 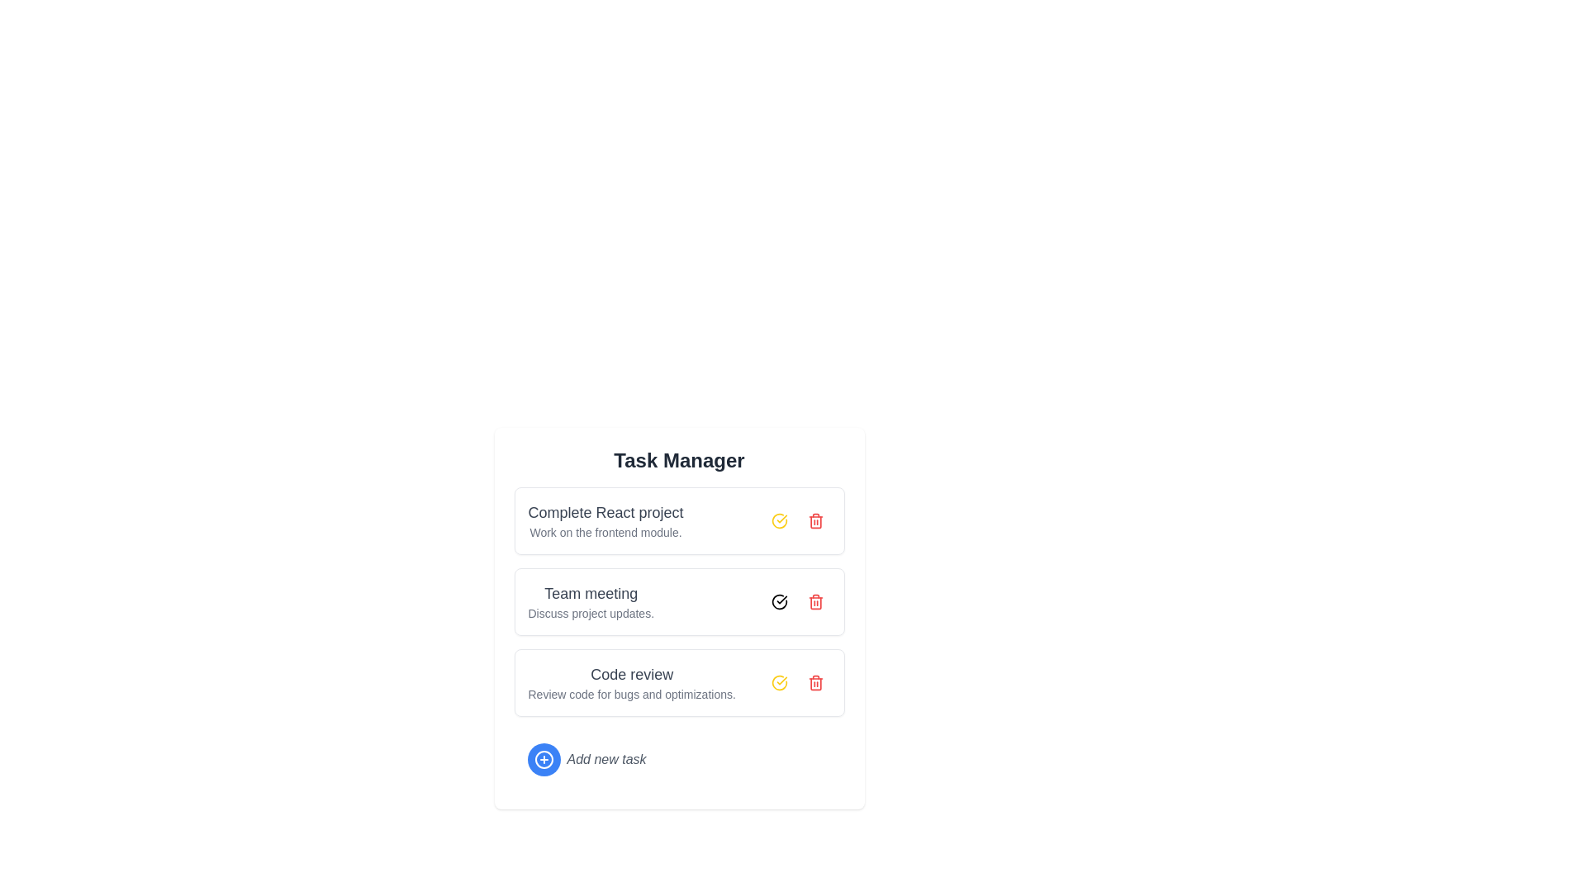 What do you see at coordinates (778, 602) in the screenshot?
I see `the progress indicator icon located to the right of the 'Team meeting' task` at bounding box center [778, 602].